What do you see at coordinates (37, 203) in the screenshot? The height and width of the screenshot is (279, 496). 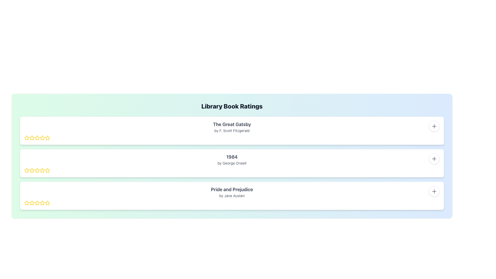 I see `the first star icon in the rating bar` at bounding box center [37, 203].